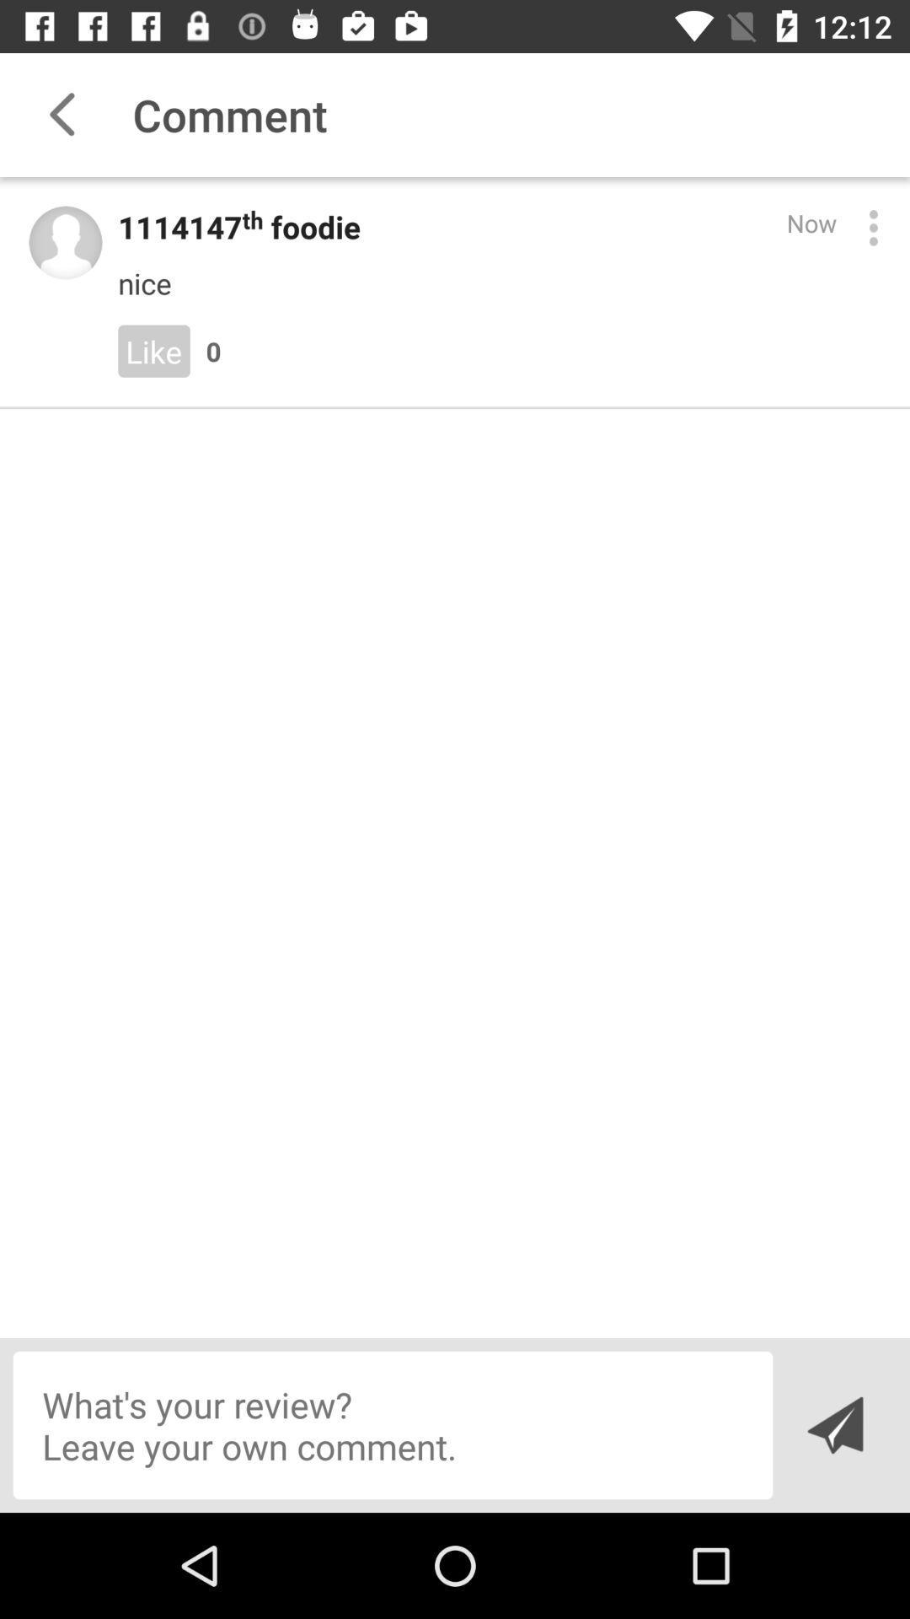 The height and width of the screenshot is (1619, 910). What do you see at coordinates (834, 1424) in the screenshot?
I see `the send icon` at bounding box center [834, 1424].